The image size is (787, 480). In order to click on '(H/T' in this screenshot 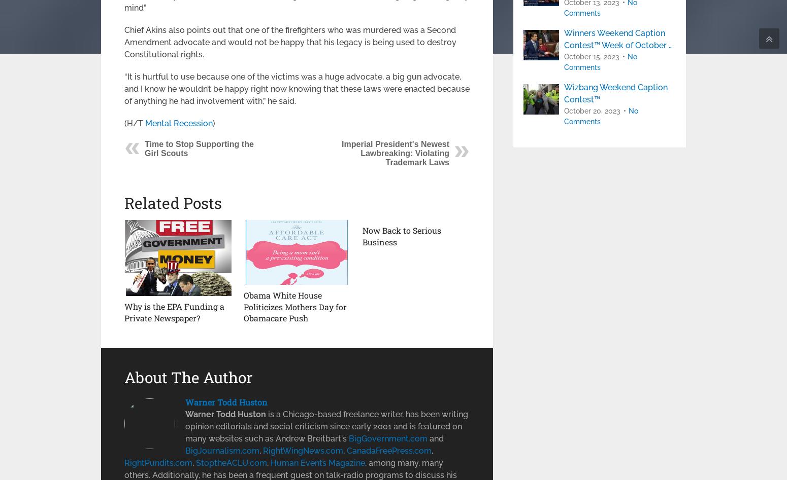, I will do `click(135, 123)`.